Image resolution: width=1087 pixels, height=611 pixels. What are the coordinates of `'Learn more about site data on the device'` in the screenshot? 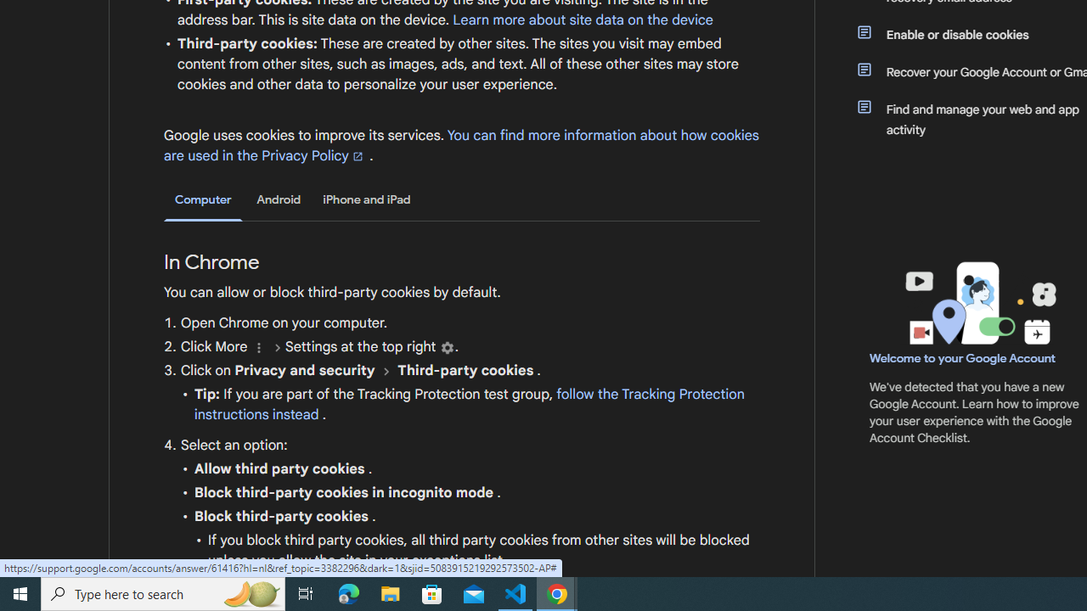 It's located at (583, 20).